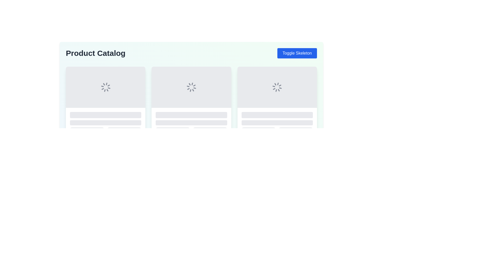 The image size is (494, 278). Describe the element at coordinates (105, 122) in the screenshot. I see `Skeleton Loader component located in the bottom section of the leftmost card in a horizontally aligned list of three cards by opening the developer tools` at that location.